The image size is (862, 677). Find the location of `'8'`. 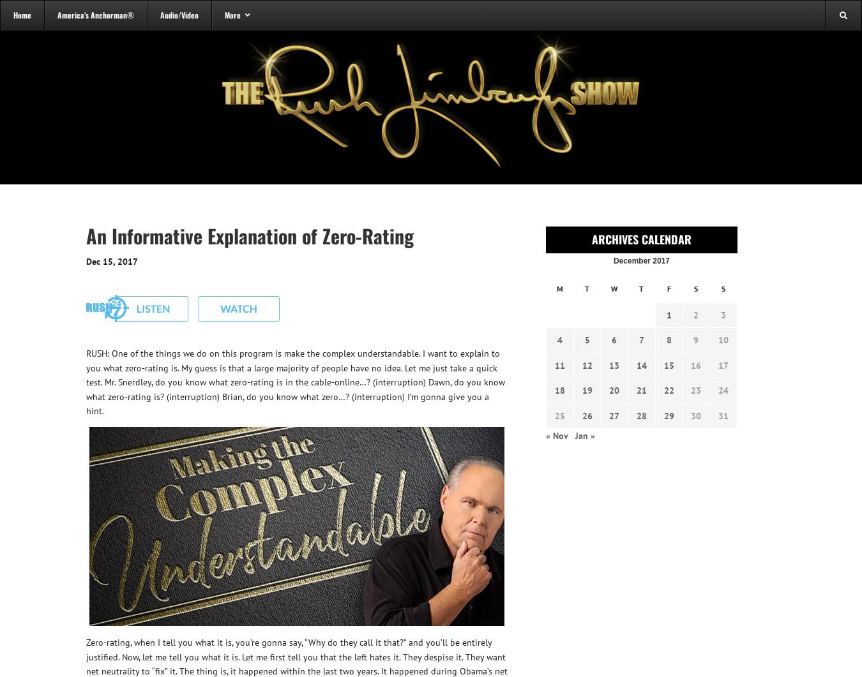

'8' is located at coordinates (669, 339).